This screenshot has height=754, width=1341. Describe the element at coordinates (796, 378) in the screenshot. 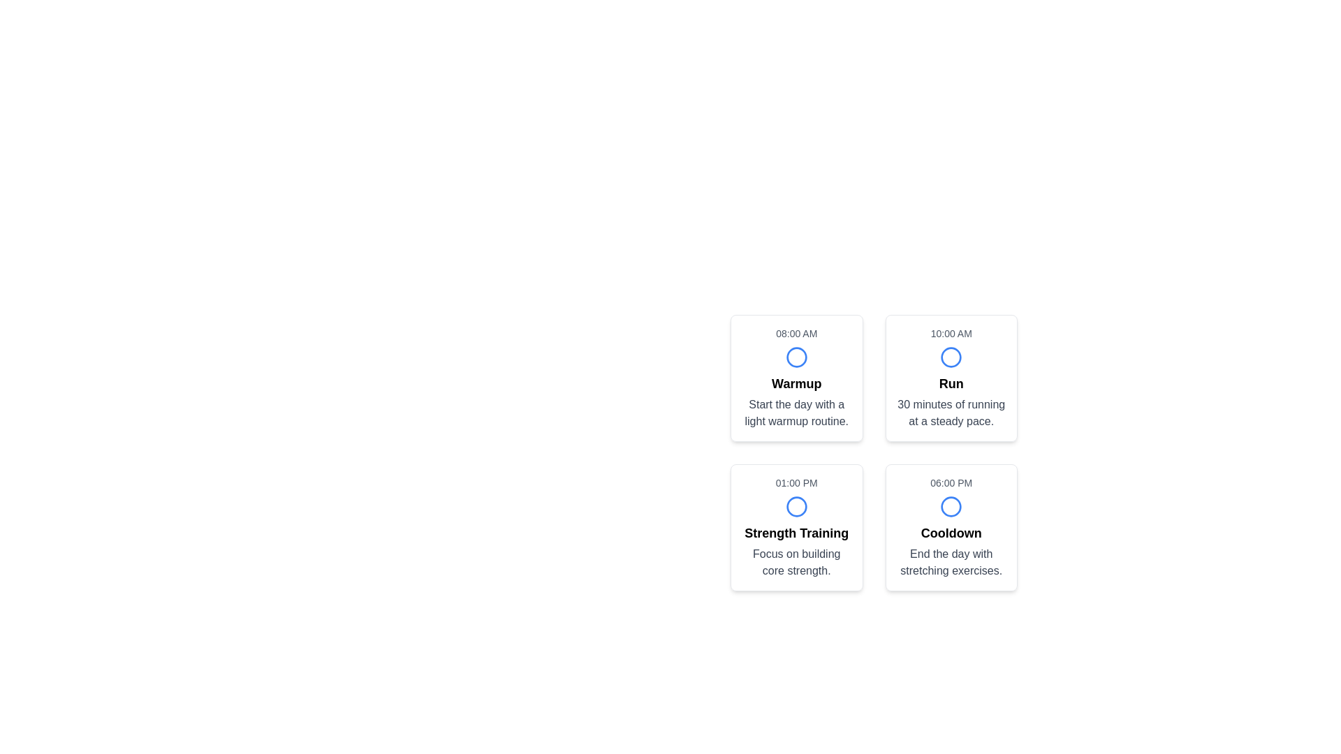

I see `the first scheduled activity card in the daily routine planner` at that location.